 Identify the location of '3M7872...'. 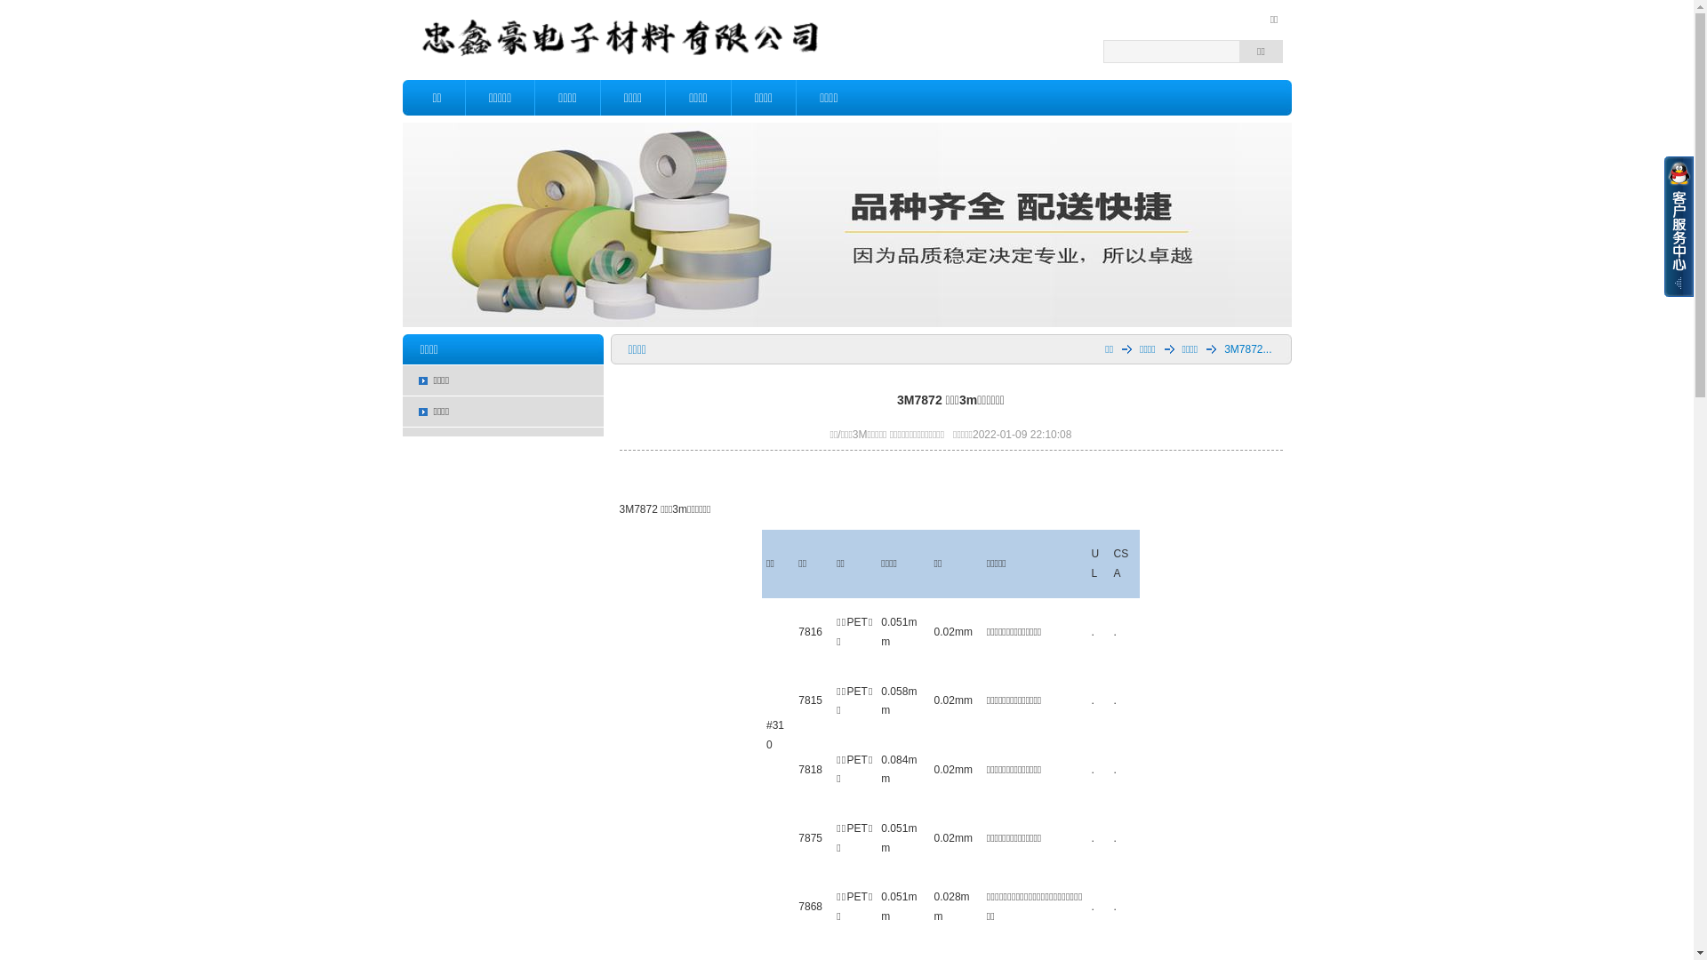
(1206, 349).